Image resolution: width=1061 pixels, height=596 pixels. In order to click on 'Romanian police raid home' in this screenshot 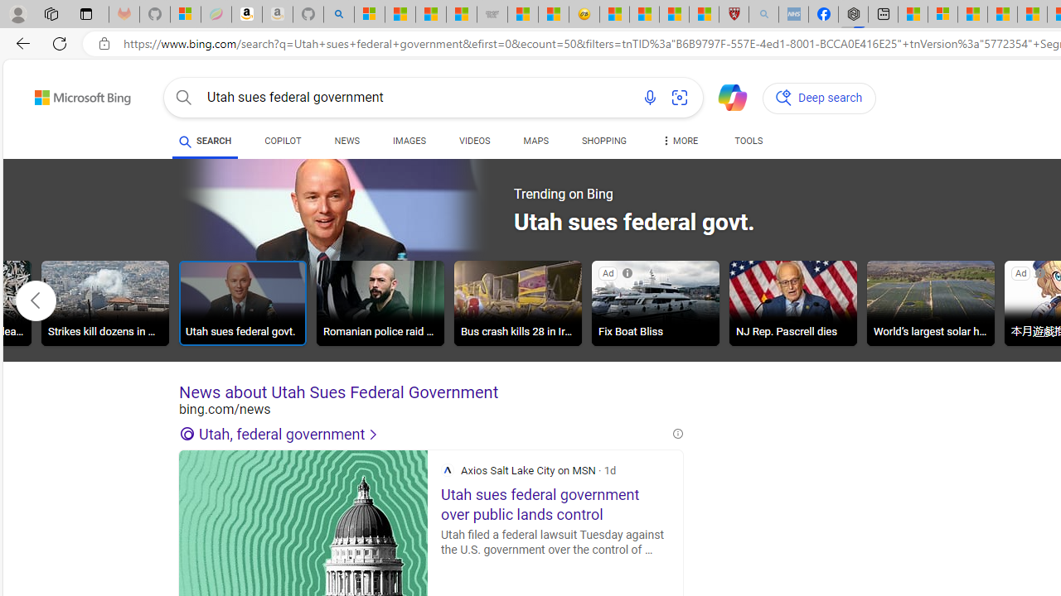, I will do `click(379, 305)`.